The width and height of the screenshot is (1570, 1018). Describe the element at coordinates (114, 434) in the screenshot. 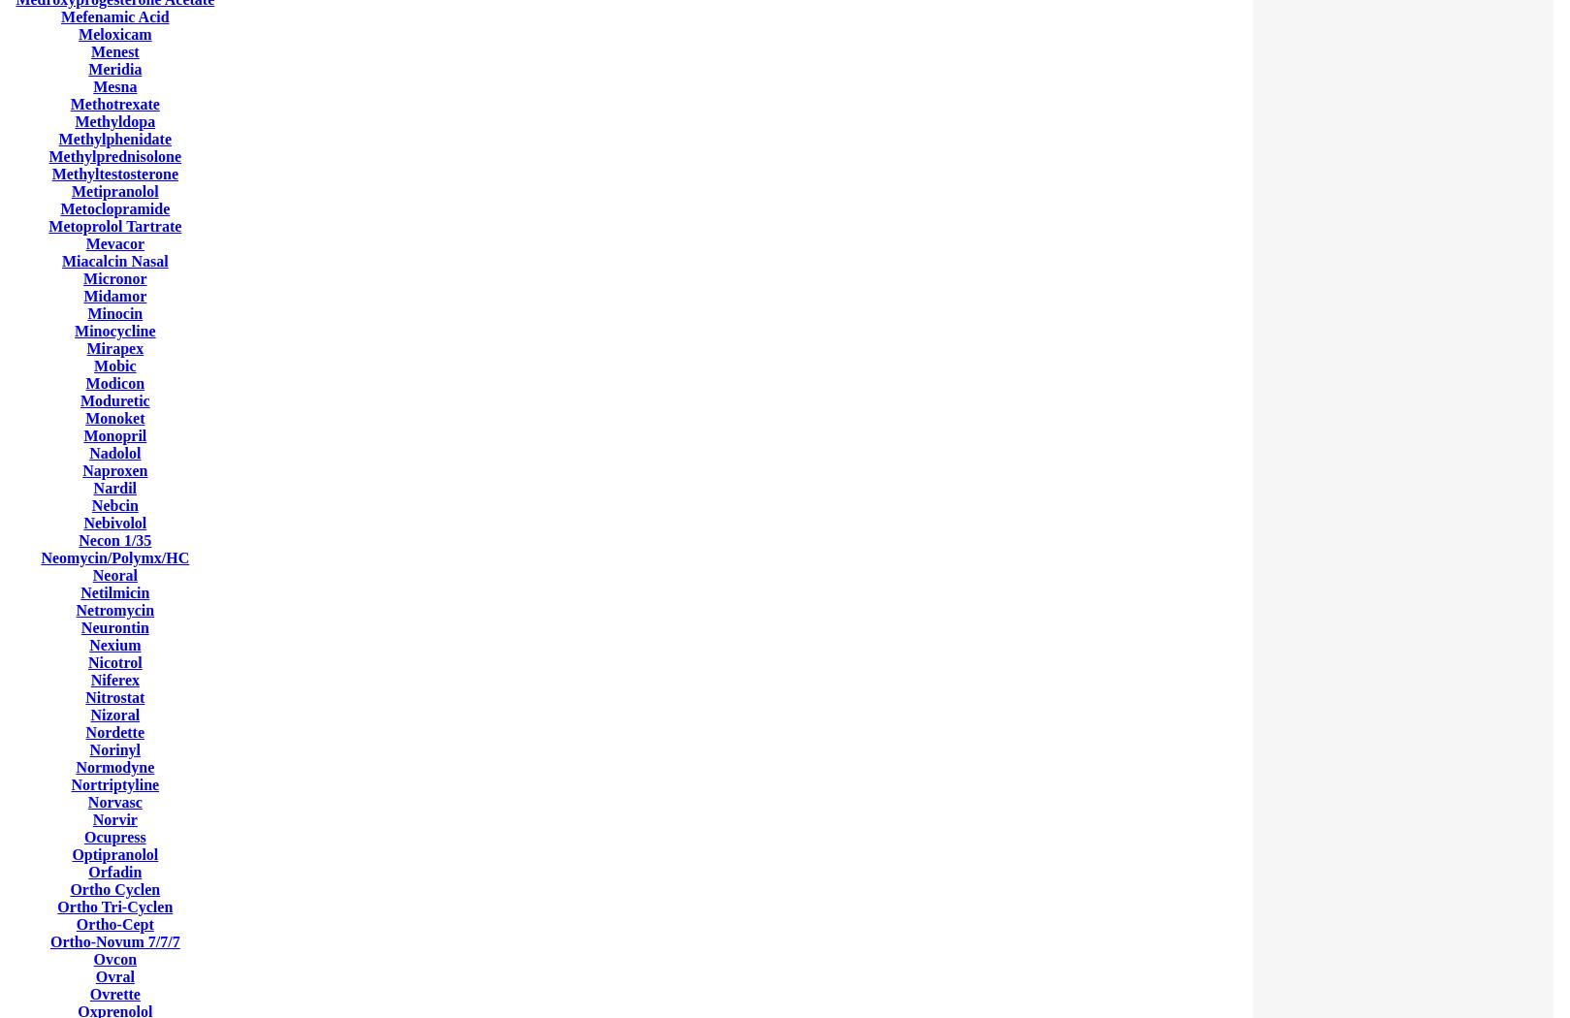

I see `'Monopril'` at that location.